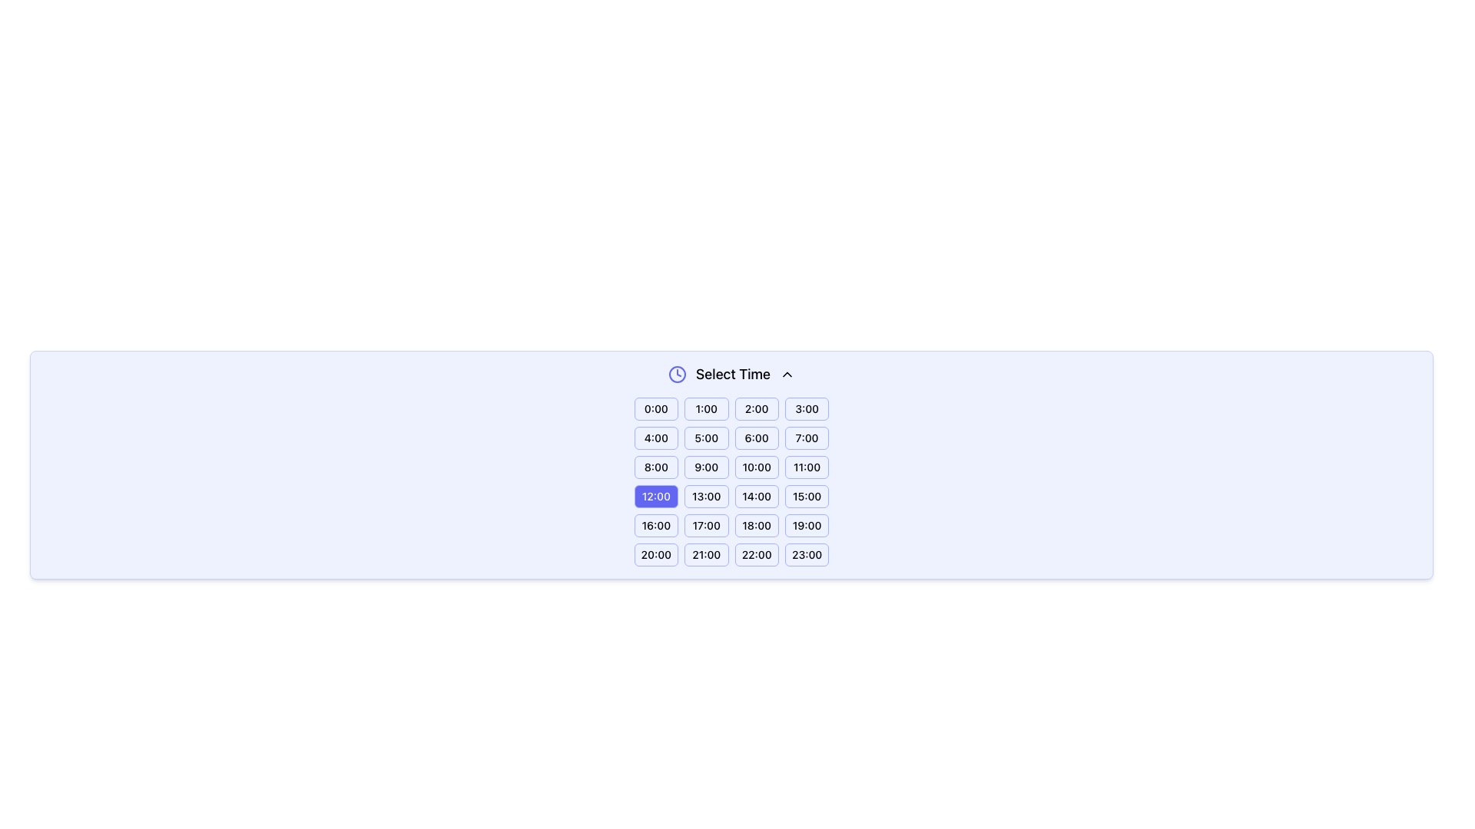 The image size is (1475, 829). What do you see at coordinates (806, 467) in the screenshot?
I see `the time selection button for '11:00' located in the third row and fourth column of the grid layout` at bounding box center [806, 467].